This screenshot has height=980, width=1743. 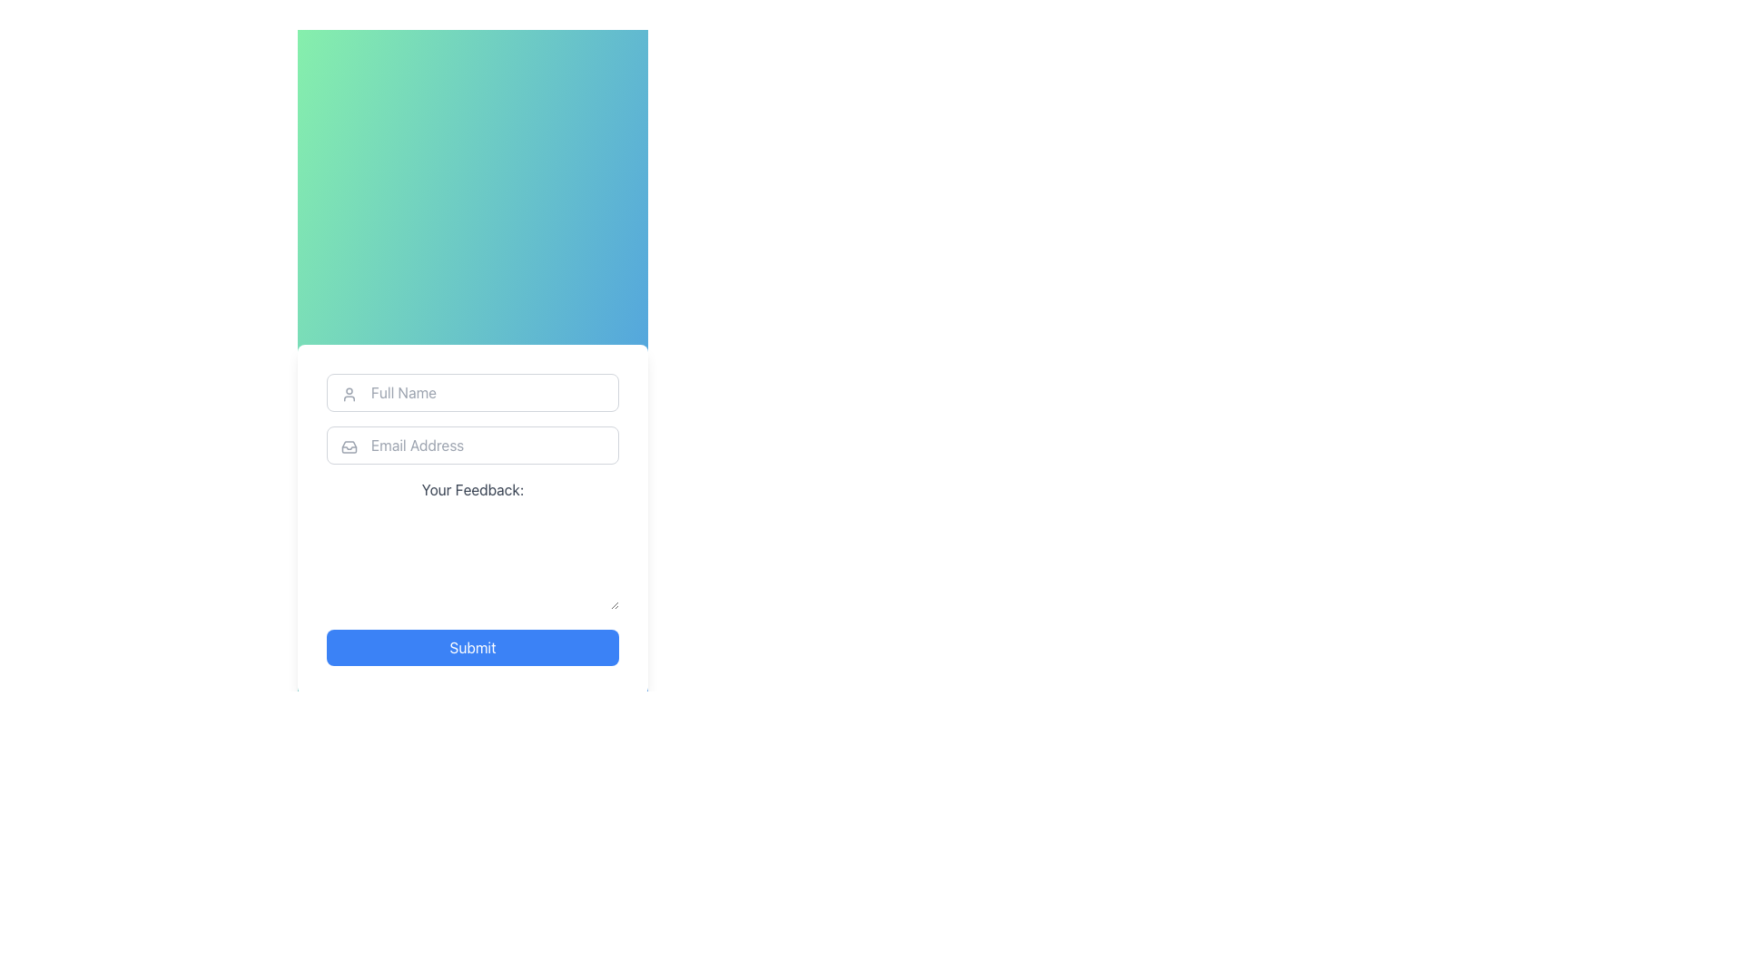 I want to click on the text label that displays 'Your Feedback:' positioned between the 'Email Address' field and the feedback textarea, so click(x=473, y=490).